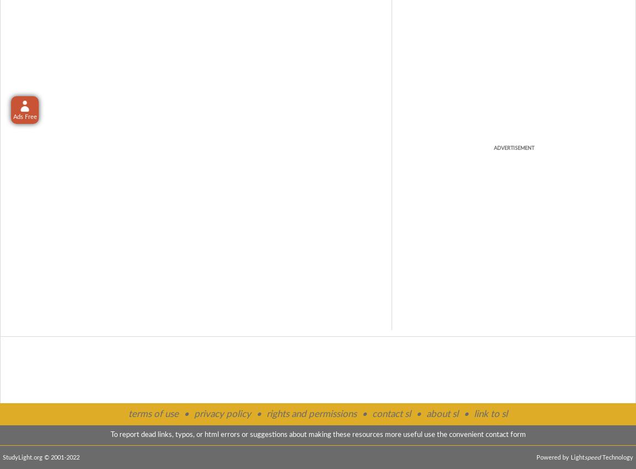 The width and height of the screenshot is (636, 469). What do you see at coordinates (311, 413) in the screenshot?
I see `'rights and permissions'` at bounding box center [311, 413].